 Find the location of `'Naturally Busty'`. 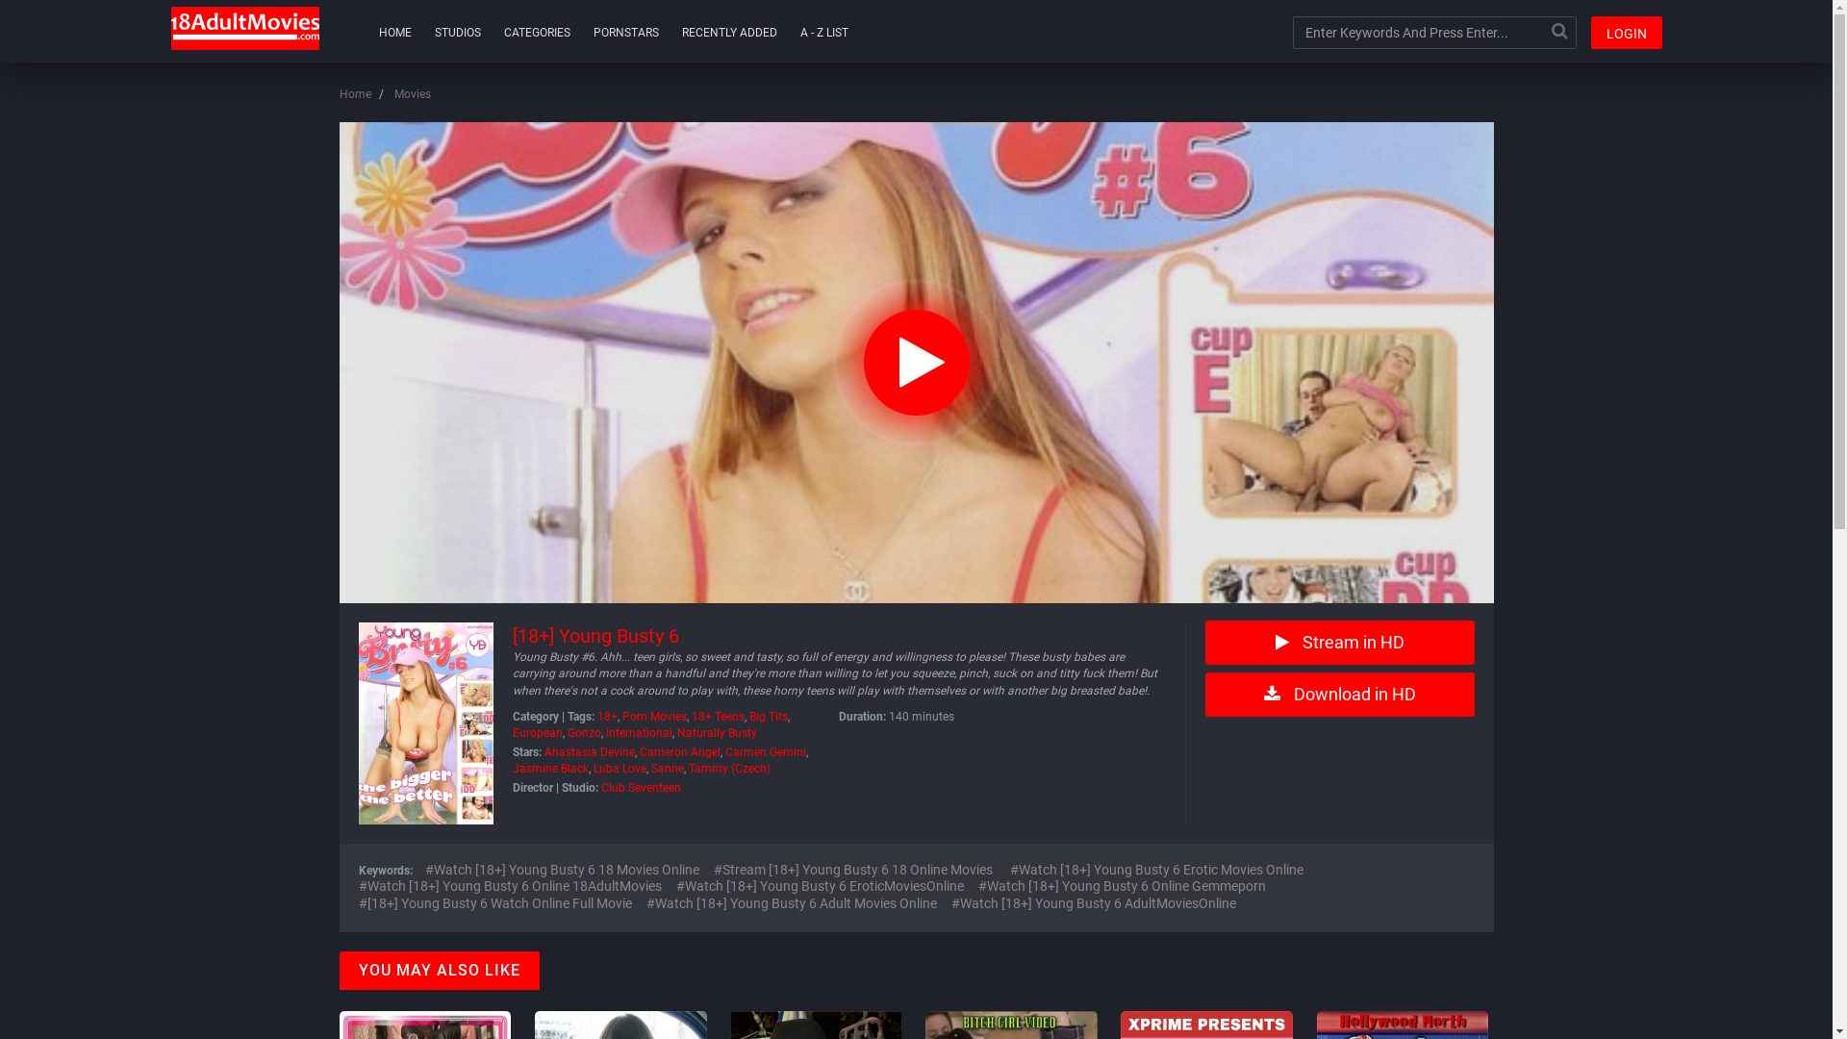

'Naturally Busty' is located at coordinates (716, 733).